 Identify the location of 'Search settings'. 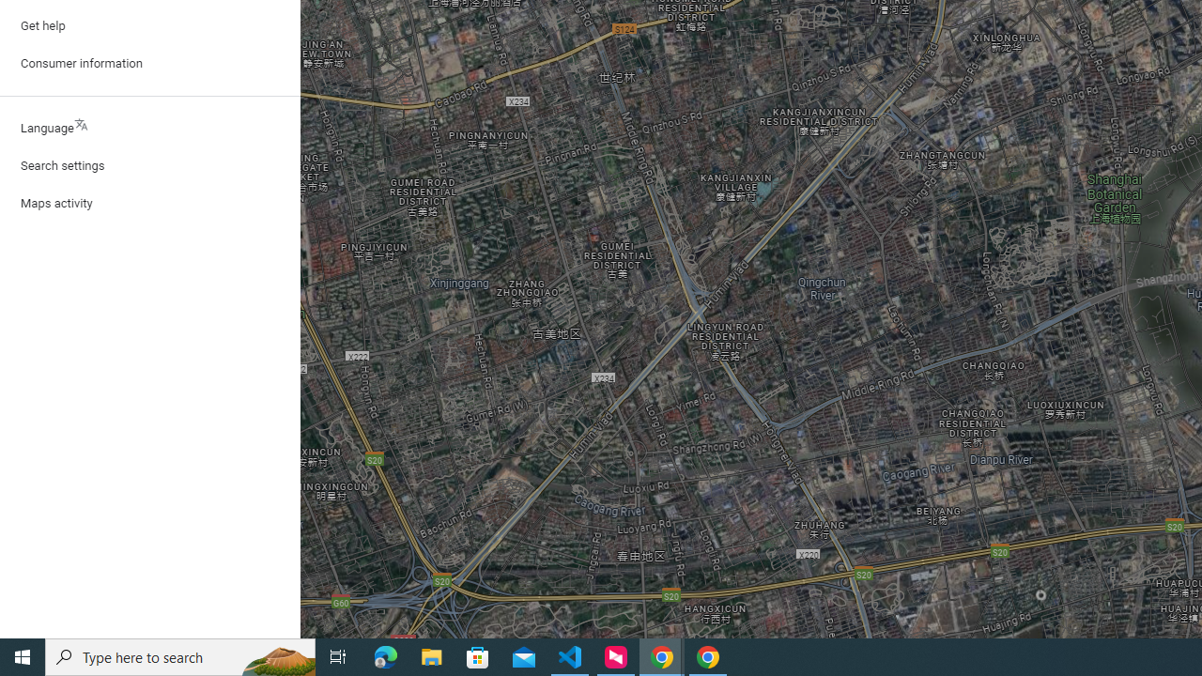
(150, 164).